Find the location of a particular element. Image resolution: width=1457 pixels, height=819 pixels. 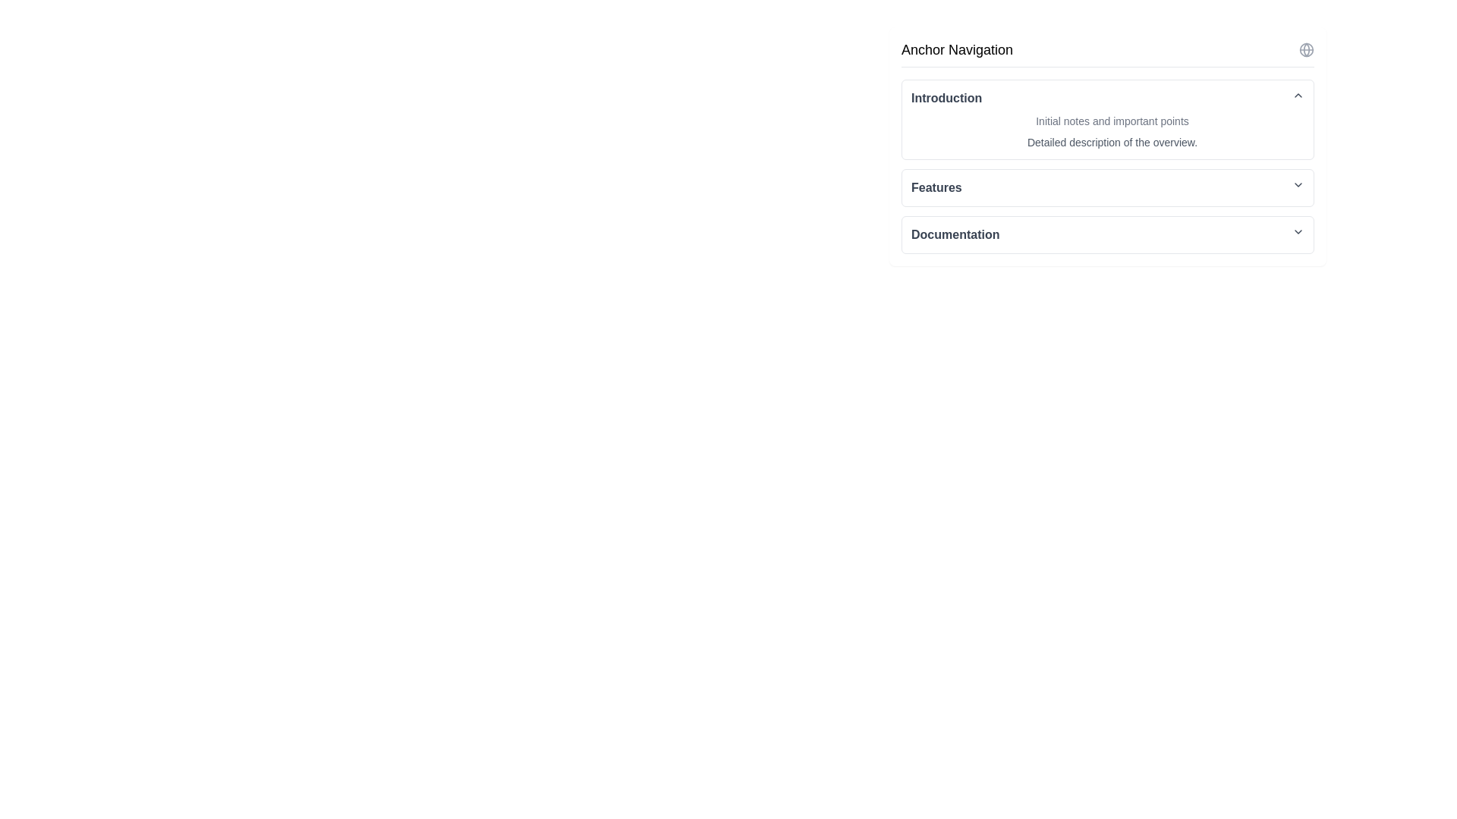

the chevron icon to the right of the 'Introduction' header in the 'Anchor Navigation' section for potential visual feedback is located at coordinates (1297, 96).